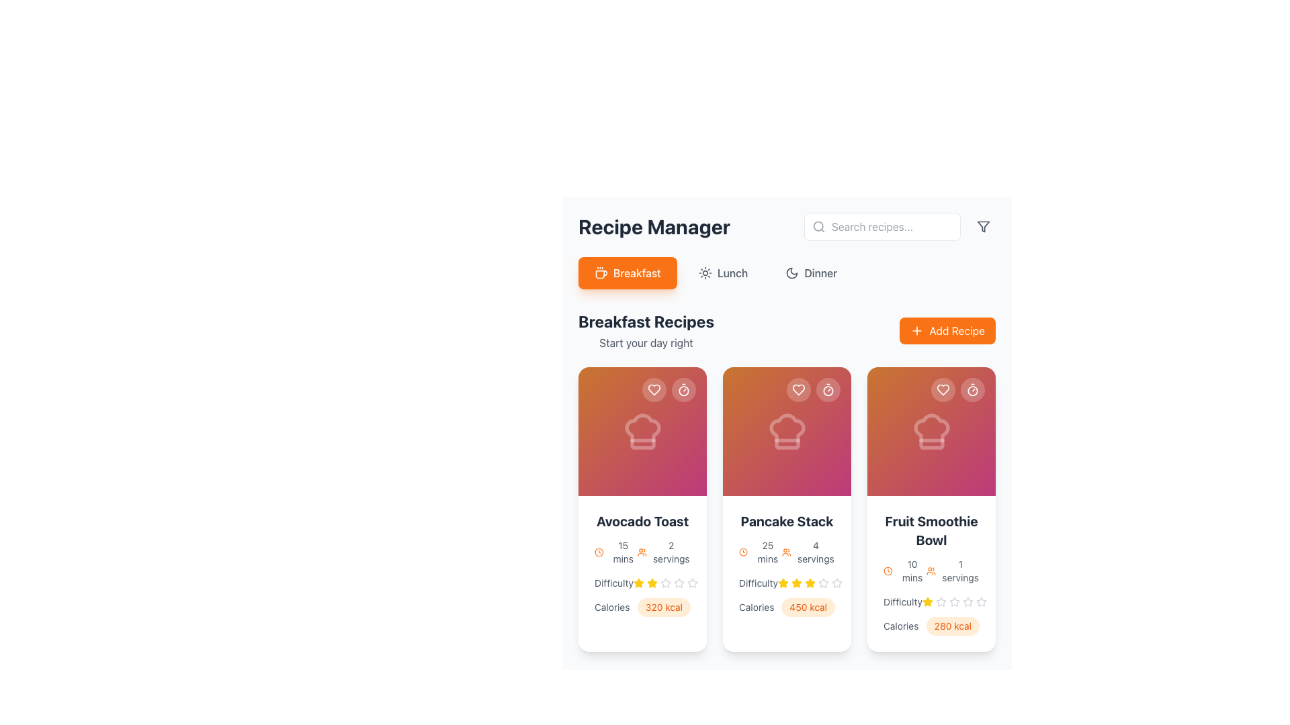 This screenshot has width=1290, height=725. I want to click on the servings icon located to the left of the text '1 servings' in the serving information section of the 'Fruit Smoothie Bowl' card, even though it is marked as not interactive, so click(931, 571).